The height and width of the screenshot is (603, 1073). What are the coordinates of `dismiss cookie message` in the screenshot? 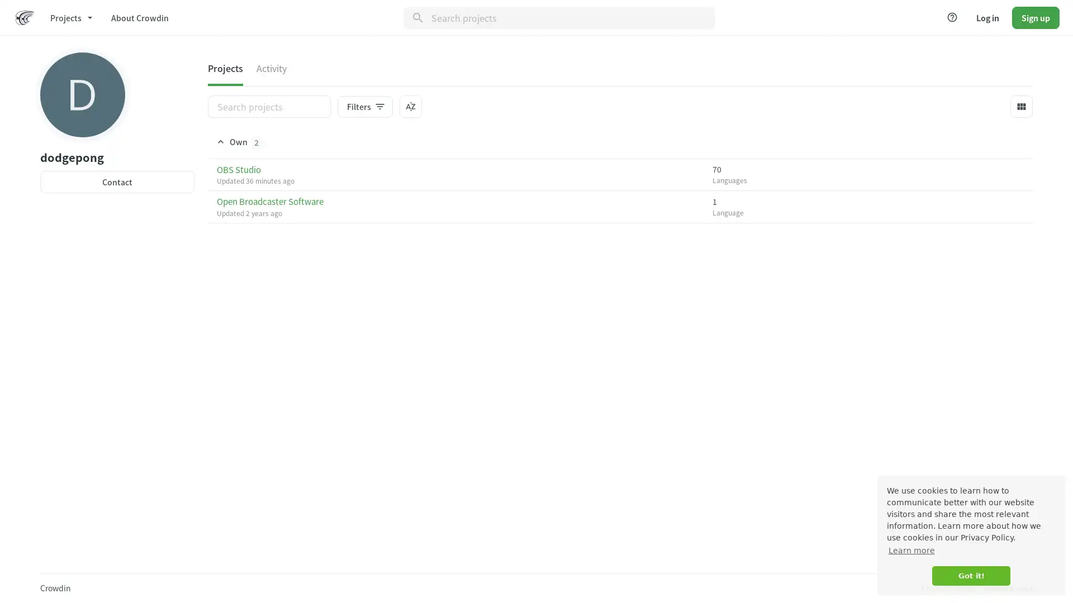 It's located at (970, 576).